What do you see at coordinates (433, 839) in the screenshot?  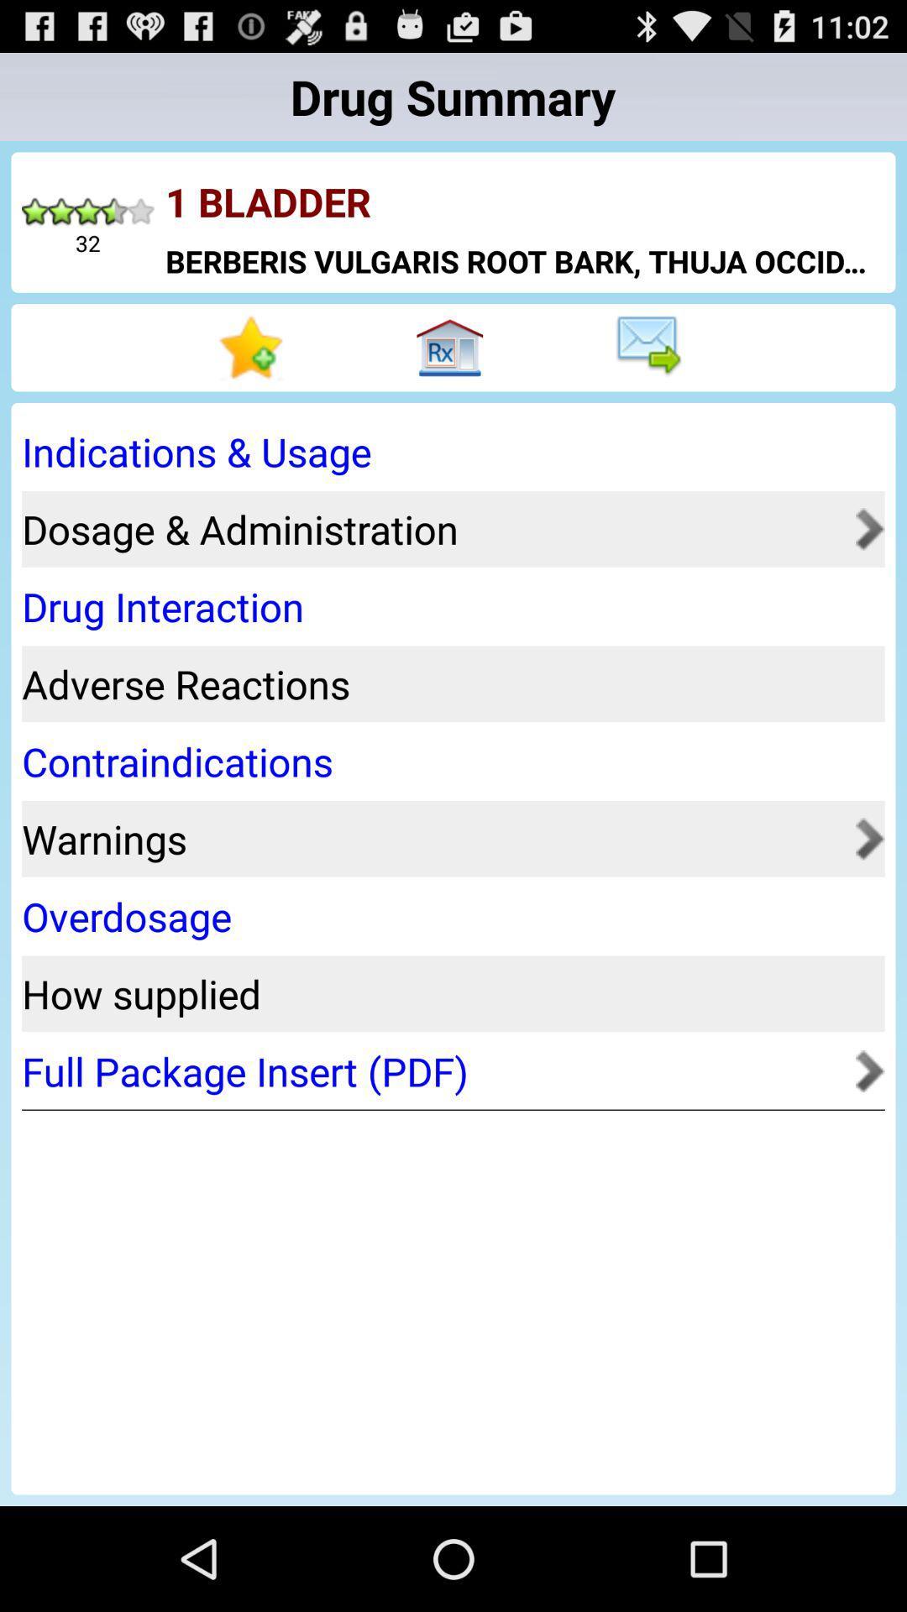 I see `the warnings app` at bounding box center [433, 839].